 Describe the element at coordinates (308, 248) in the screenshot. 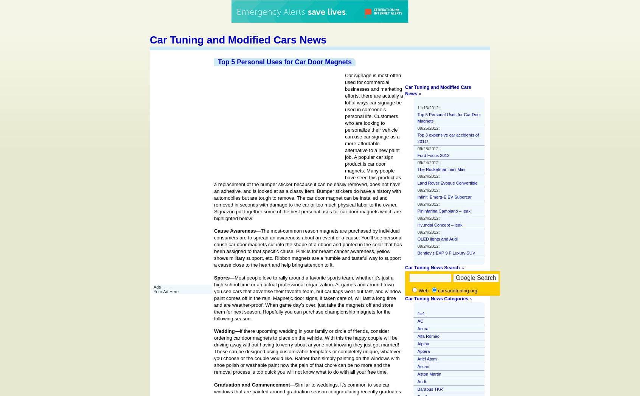

I see `'—The most-common reason magnets are purchased by individual consumers are to spread an awareness about an event or a cause. You’ll see personal cause car door magnets cut into the shape of a ribbon and printed in the color that has been assigned to that specific cause. Pink is for breast cancer awareness, yellow shows military support, etc. Ribbon magnets are a humble and tasteful way to support a cause close to the heart and help bring attention to it.'` at that location.